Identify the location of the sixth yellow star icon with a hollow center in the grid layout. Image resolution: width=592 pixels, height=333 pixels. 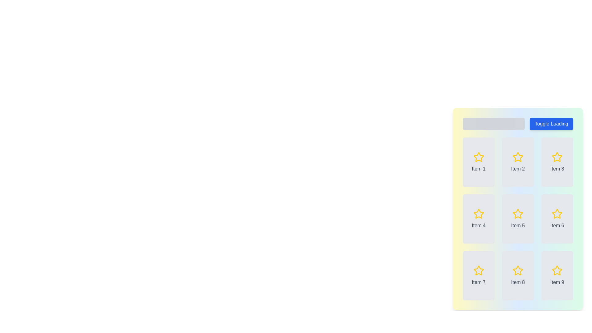
(557, 213).